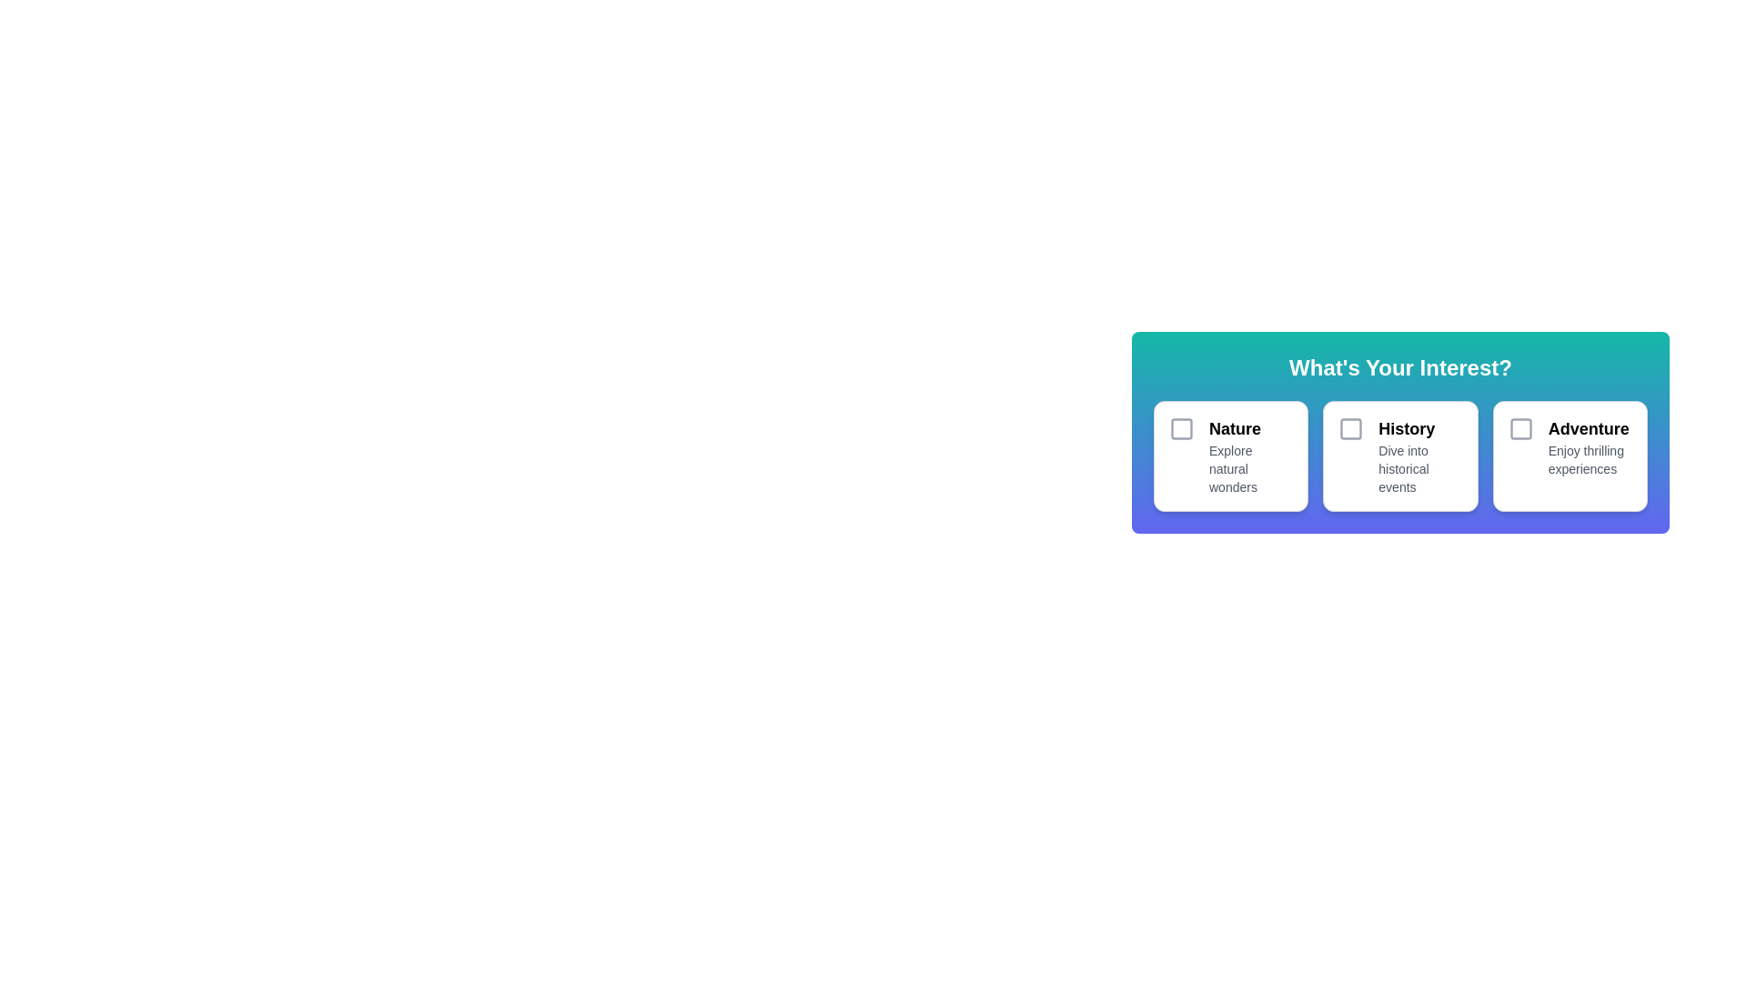 The height and width of the screenshot is (982, 1747). Describe the element at coordinates (1182, 428) in the screenshot. I see `the checkbox located under the 'Nature' option, which is a square-shaped icon with rounded corners` at that location.